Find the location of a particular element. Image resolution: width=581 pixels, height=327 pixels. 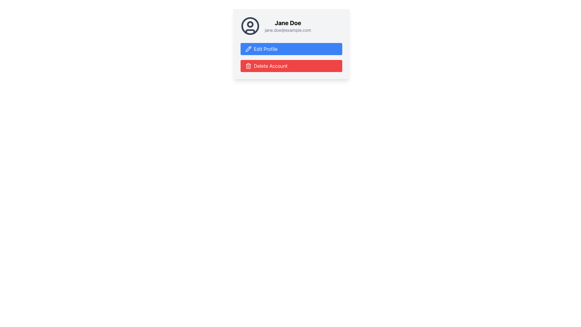

the graphical pencil icon representing the editing action, located to the left of the blue 'Edit Profile' button is located at coordinates (248, 48).